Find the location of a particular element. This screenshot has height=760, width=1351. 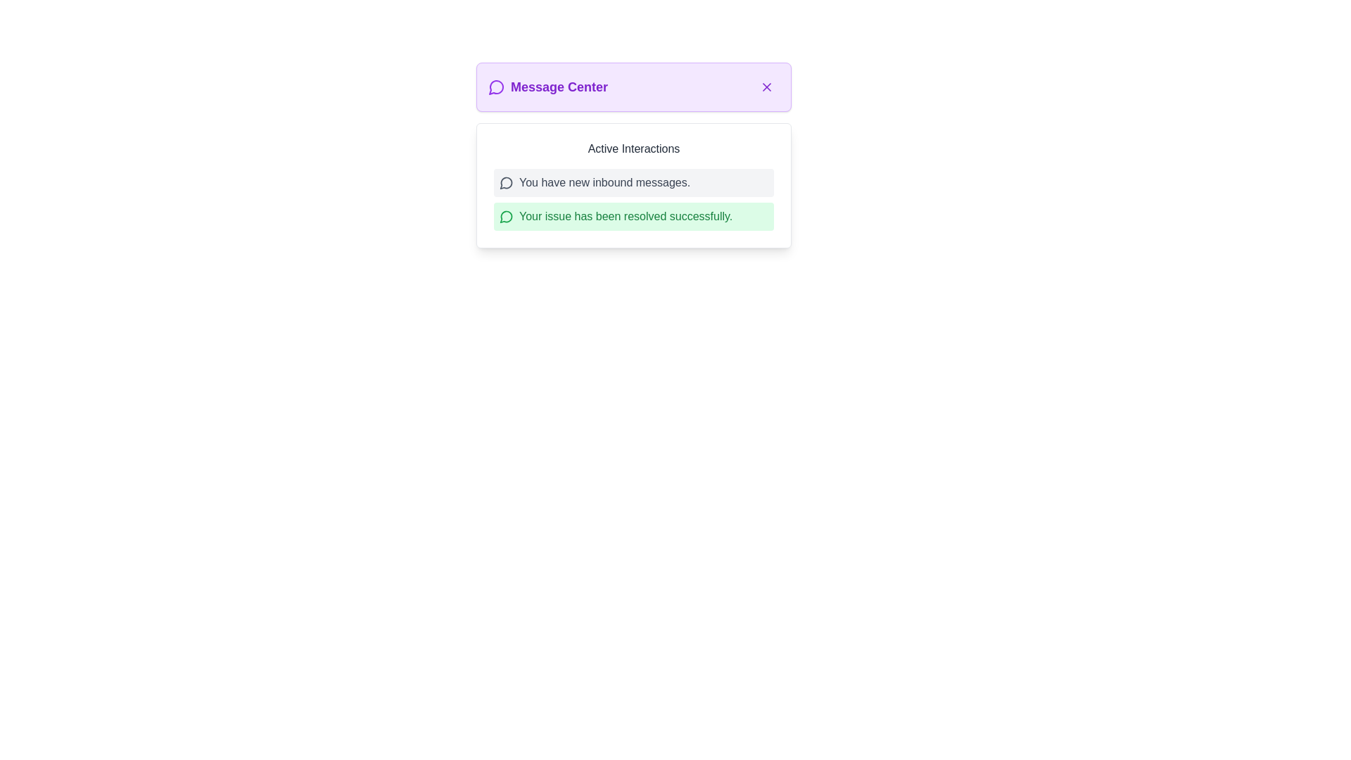

notification message displayed in the 'Active Interactions' section, which provides feedback about the resolution of an issue is located at coordinates (625, 217).